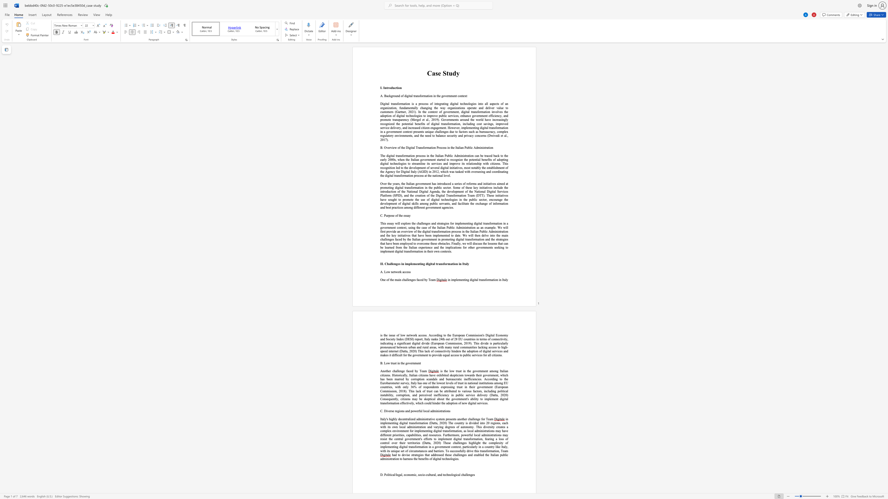 The height and width of the screenshot is (499, 888). Describe the element at coordinates (424, 239) in the screenshot. I see `the subset text "vern" within the text "This essay will explore the challenges and strategies for implementing digital transformation in a government context, using the case of the Italian Public Administration as an example. We will first provide an overview of the digital transformation process in the Italian Public Administration and the key initiatives that have been implemented to date. We will then delve into the main challenges faced by the Italian government in promoting digital transformation and the strategies that have been employed to"` at that location.